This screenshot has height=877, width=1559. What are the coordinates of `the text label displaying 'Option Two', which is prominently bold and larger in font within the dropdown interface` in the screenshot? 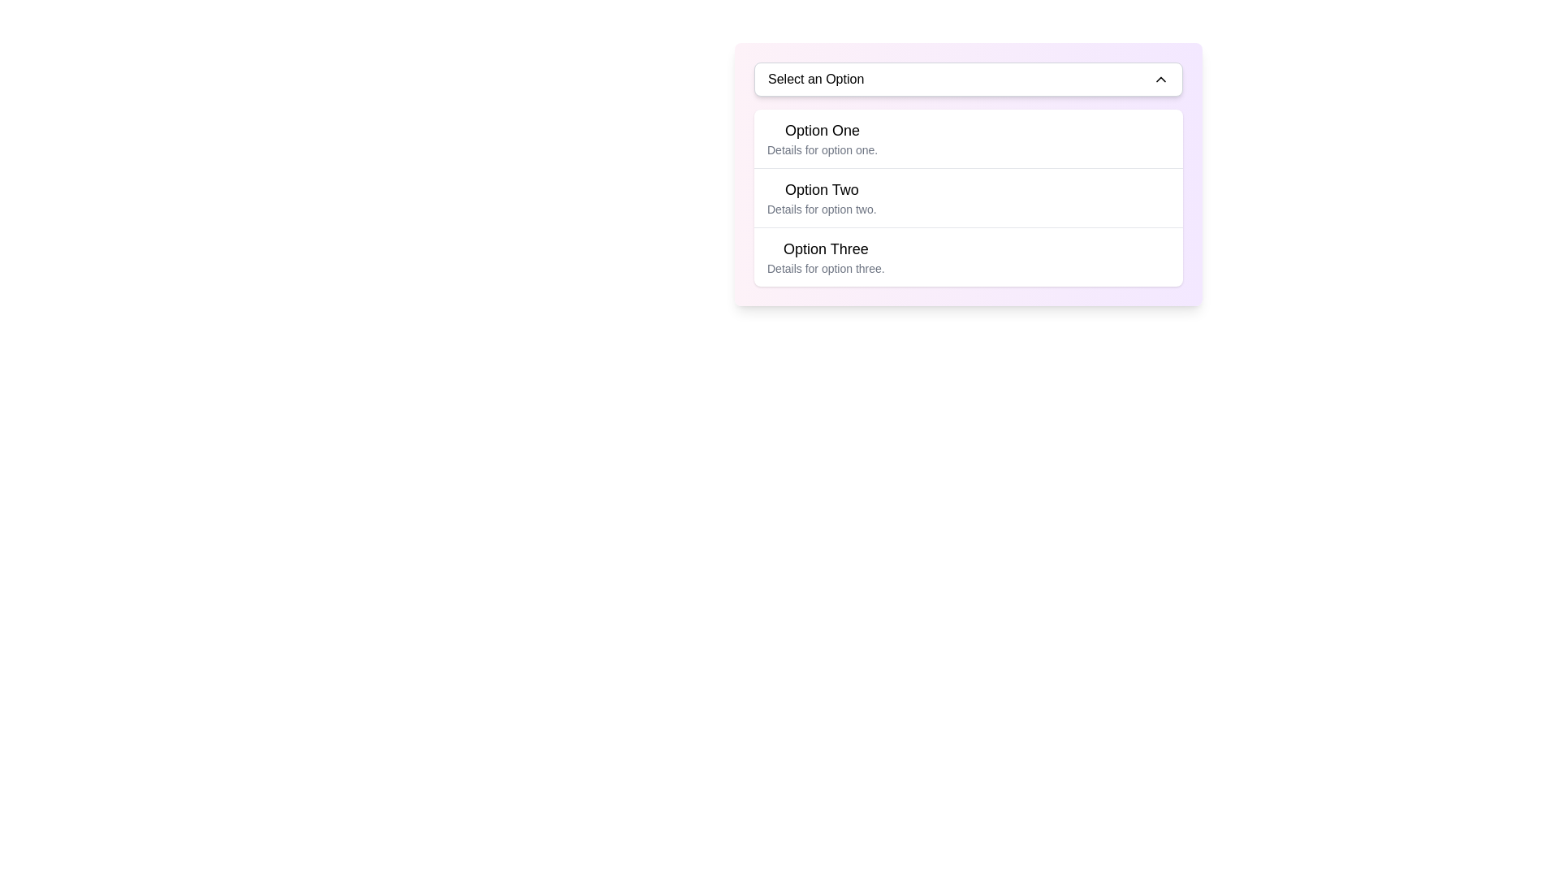 It's located at (822, 189).